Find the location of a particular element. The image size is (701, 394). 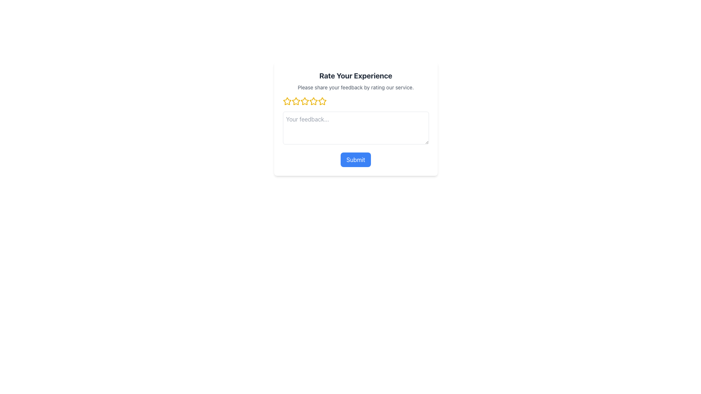

the second star in the star rating system is located at coordinates (296, 101).